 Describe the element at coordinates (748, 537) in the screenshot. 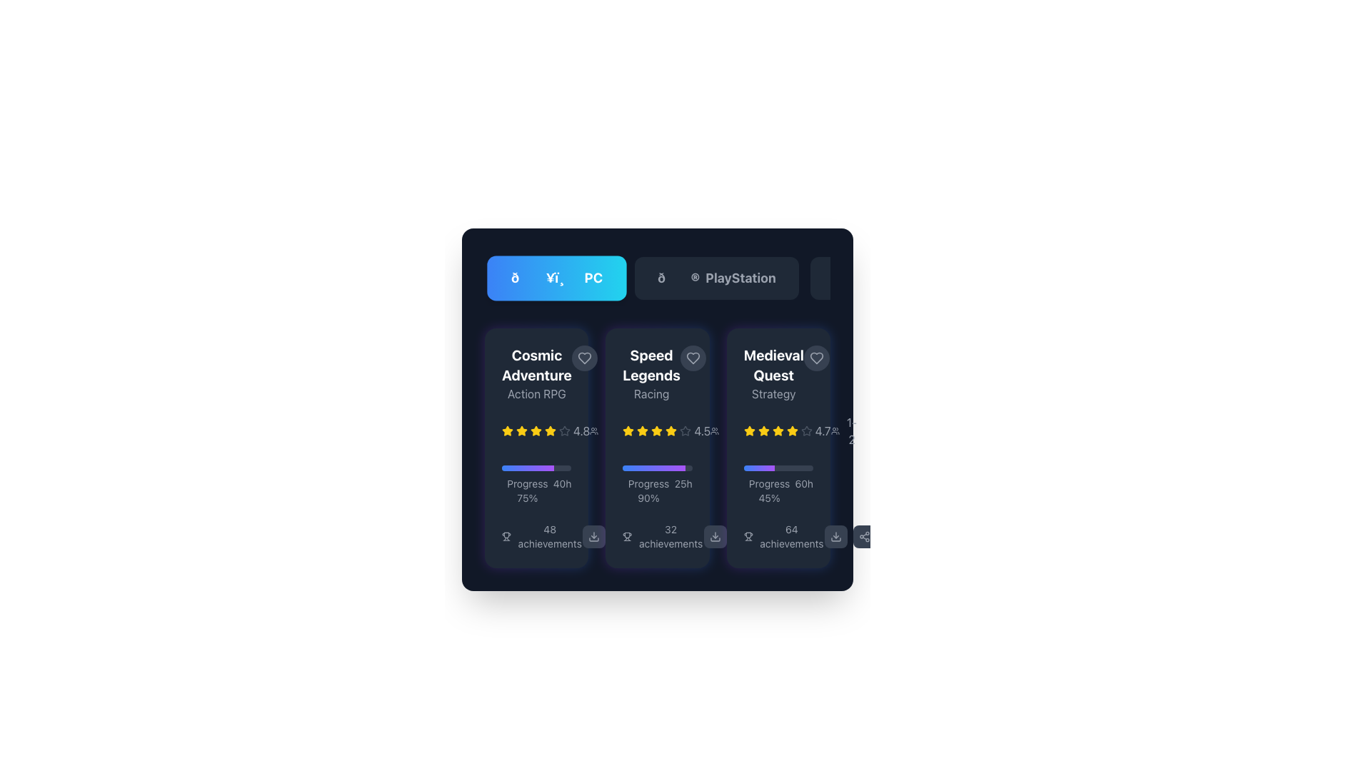

I see `the achievements icon located in the bottom-right card of the interface, which is the leftmost item in a group containing text and other icons` at that location.